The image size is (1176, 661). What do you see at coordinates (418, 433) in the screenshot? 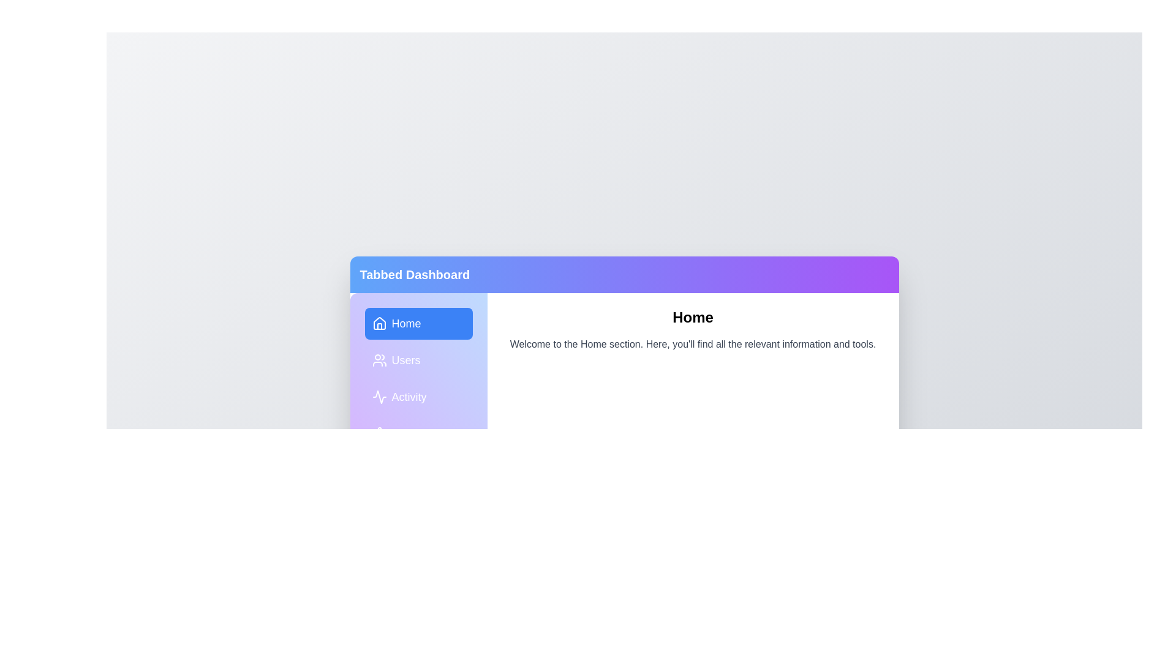
I see `the tab Settings to observe the visual effect` at bounding box center [418, 433].